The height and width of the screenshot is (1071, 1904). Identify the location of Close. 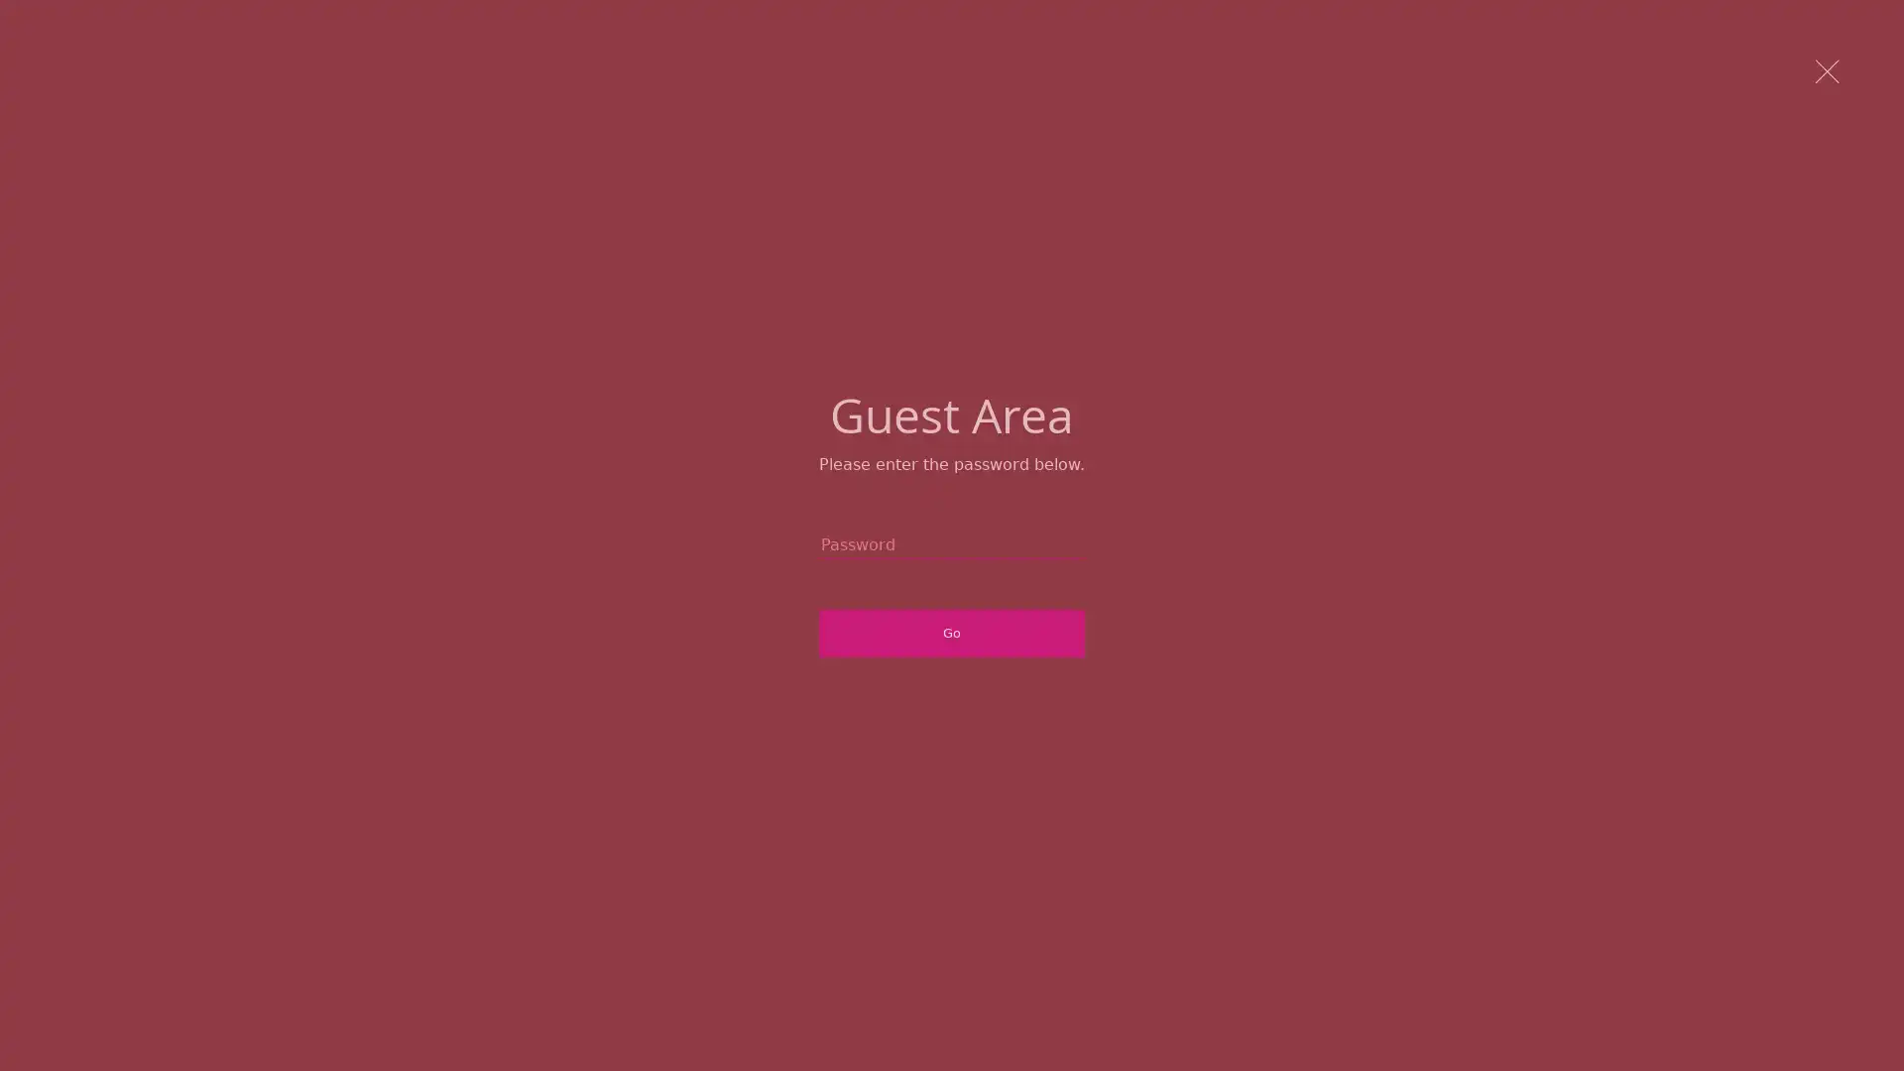
(1828, 72).